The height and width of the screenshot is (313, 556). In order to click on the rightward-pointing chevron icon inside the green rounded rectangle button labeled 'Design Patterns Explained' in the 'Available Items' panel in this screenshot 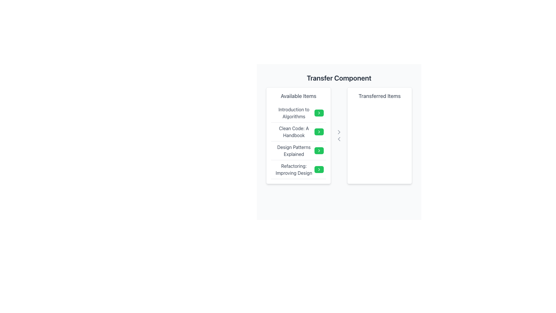, I will do `click(319, 150)`.